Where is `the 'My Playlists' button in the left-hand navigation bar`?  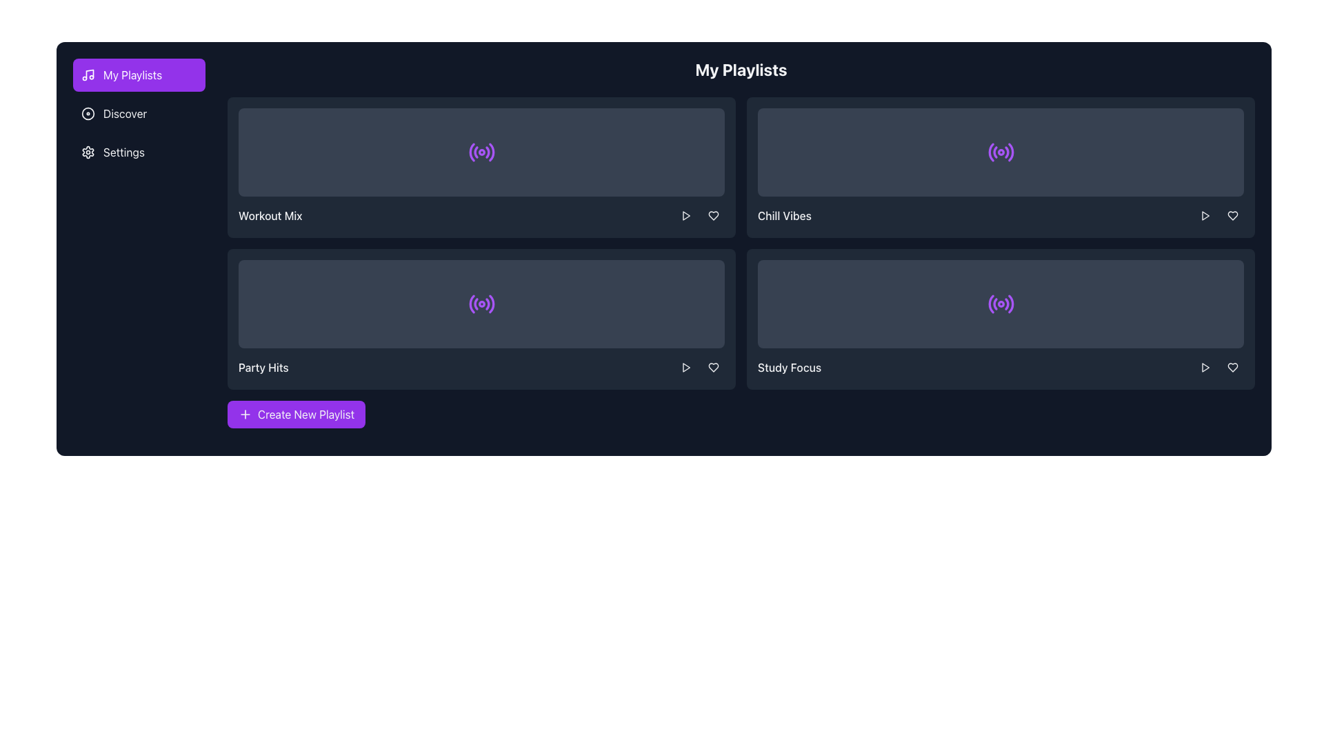
the 'My Playlists' button in the left-hand navigation bar is located at coordinates (132, 74).